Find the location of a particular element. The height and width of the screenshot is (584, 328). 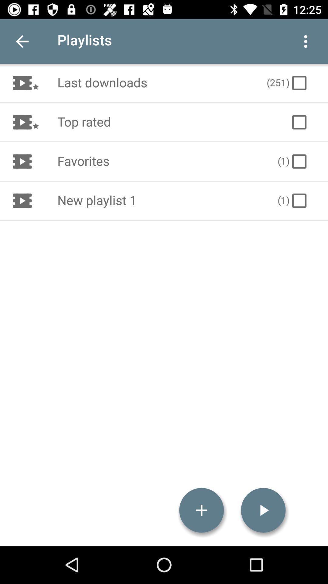

item below the (1) is located at coordinates (263, 510).